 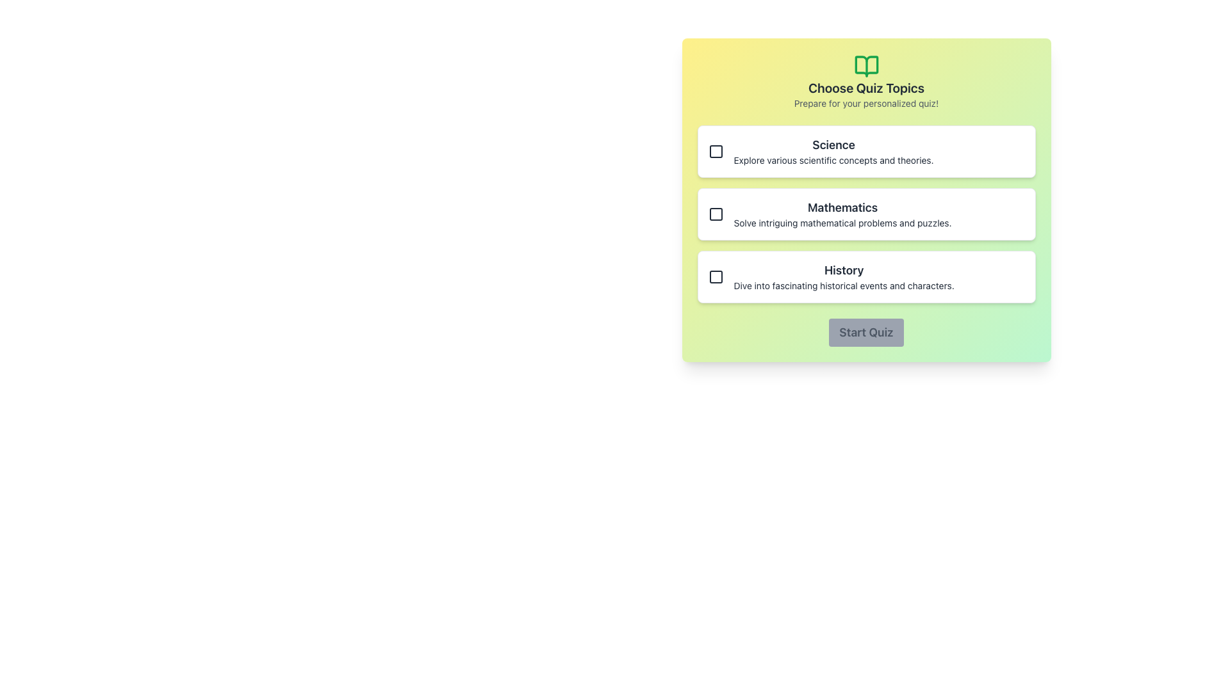 What do you see at coordinates (844, 285) in the screenshot?
I see `the descriptive text reading 'Dive into fascinating historical events and characters.', which is styled in a smaller muted gray font and positioned below the 'History' heading` at bounding box center [844, 285].